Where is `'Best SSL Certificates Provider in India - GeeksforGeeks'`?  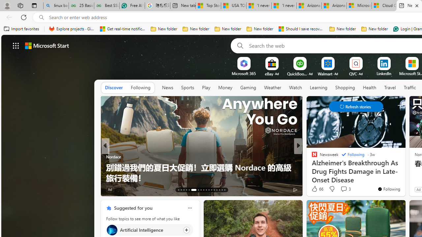 'Best SSL Certificates Provider in India - GeeksforGeeks' is located at coordinates (106, 6).